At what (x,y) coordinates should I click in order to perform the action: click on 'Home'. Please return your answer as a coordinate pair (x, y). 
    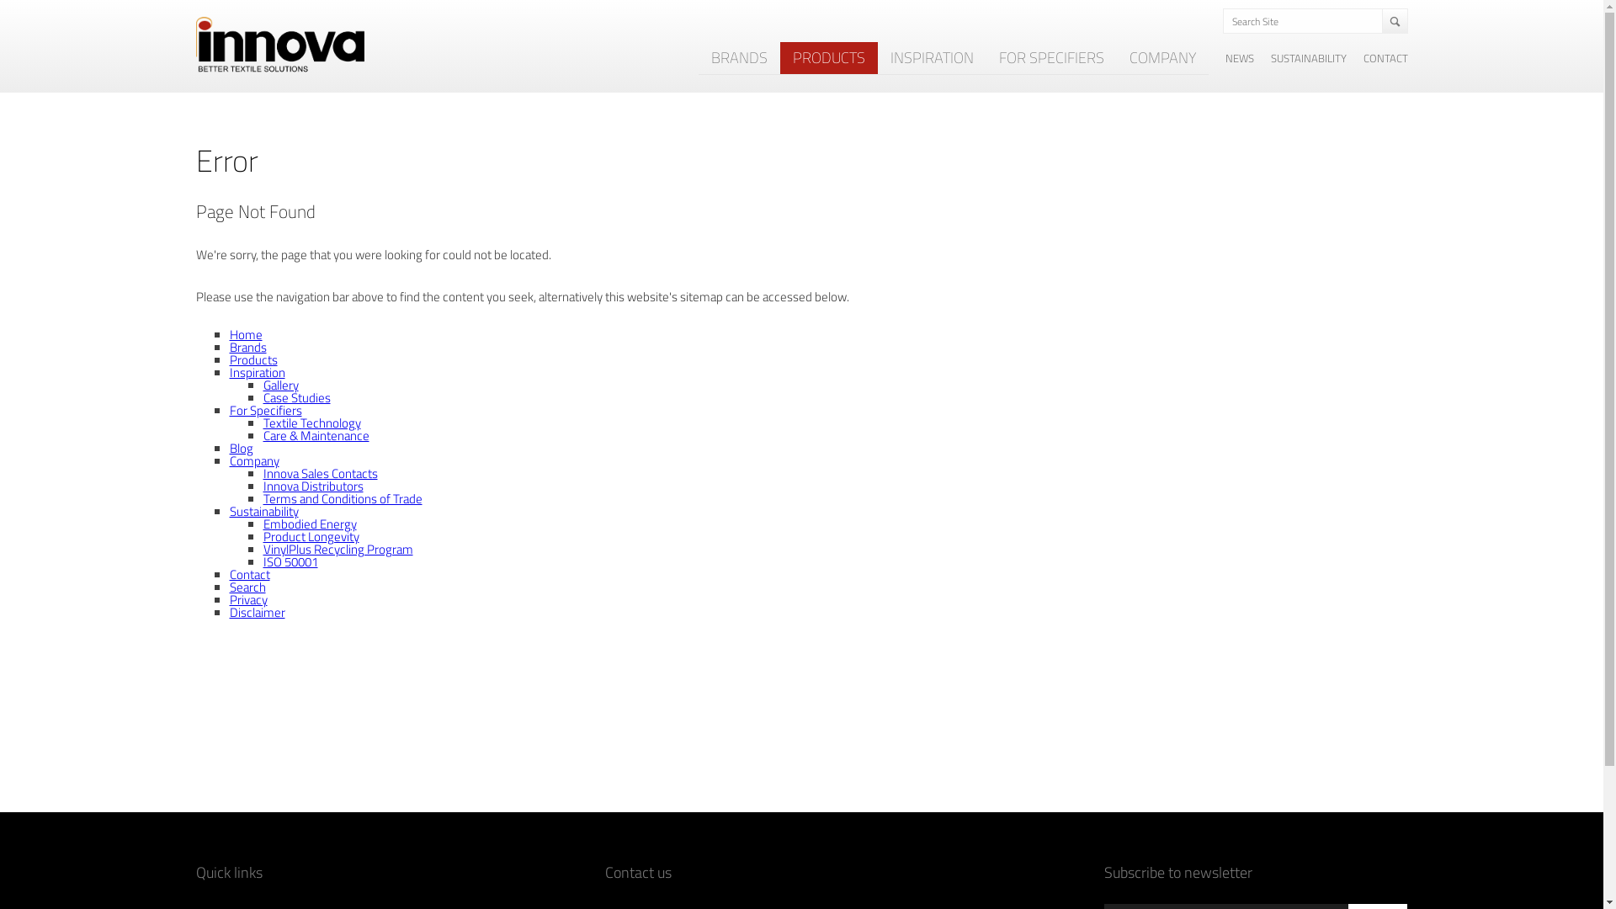
    Looking at the image, I should click on (244, 334).